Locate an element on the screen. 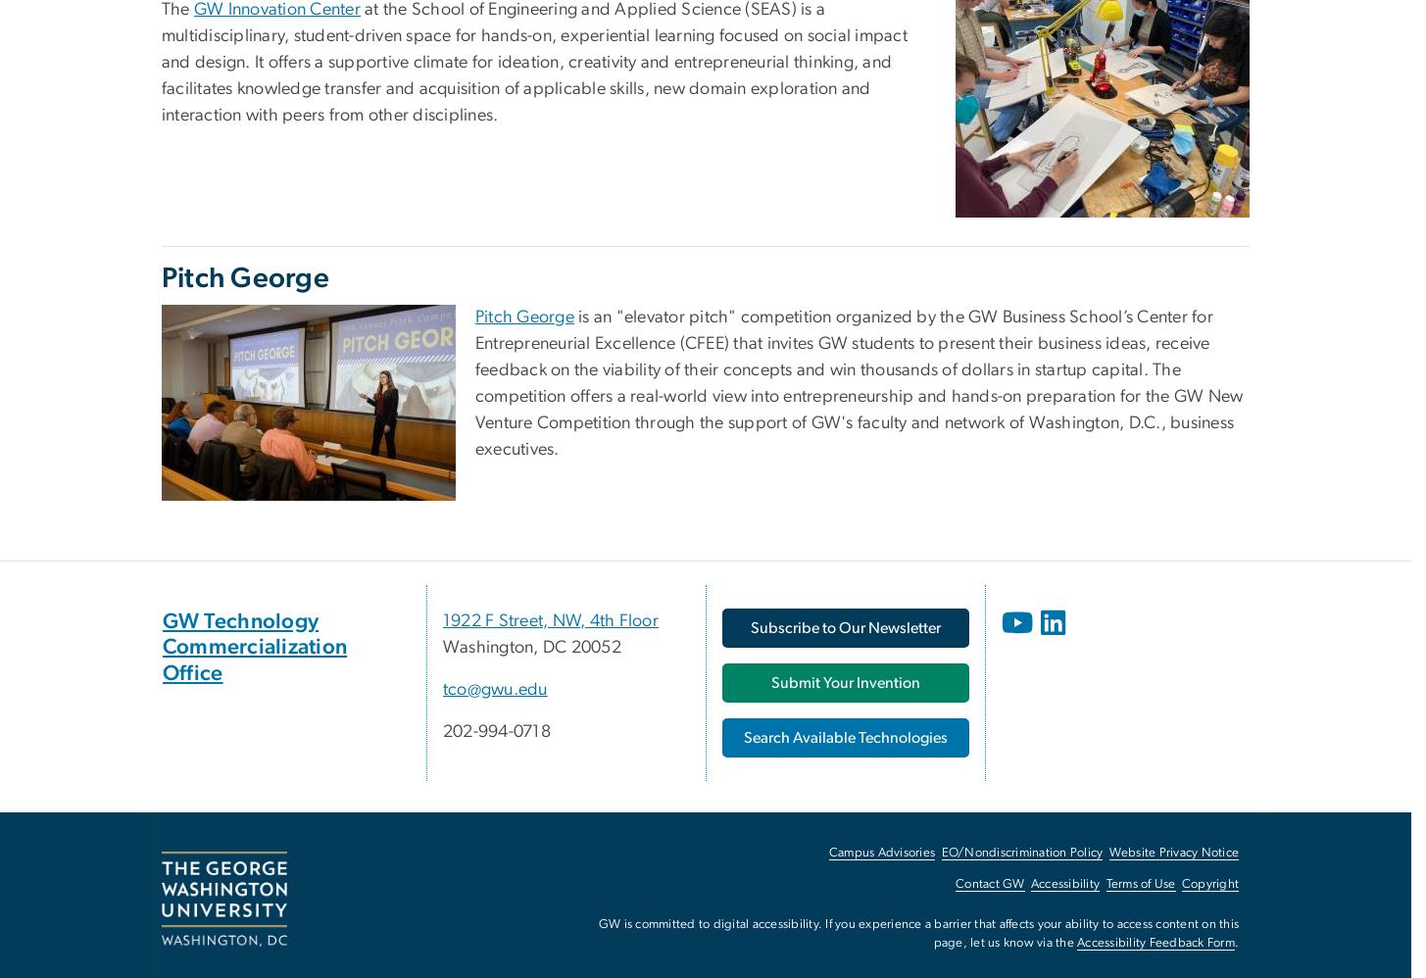  'Terms of Use' is located at coordinates (1139, 884).